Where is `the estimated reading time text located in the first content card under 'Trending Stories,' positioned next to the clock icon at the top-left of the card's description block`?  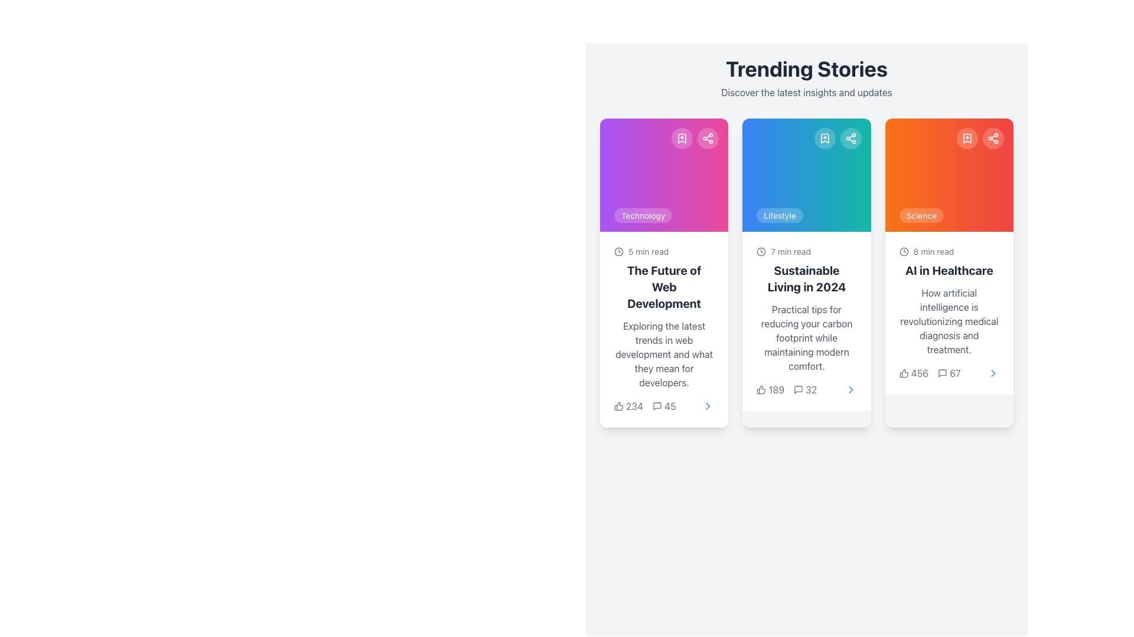 the estimated reading time text located in the first content card under 'Trending Stories,' positioned next to the clock icon at the top-left of the card's description block is located at coordinates (648, 251).